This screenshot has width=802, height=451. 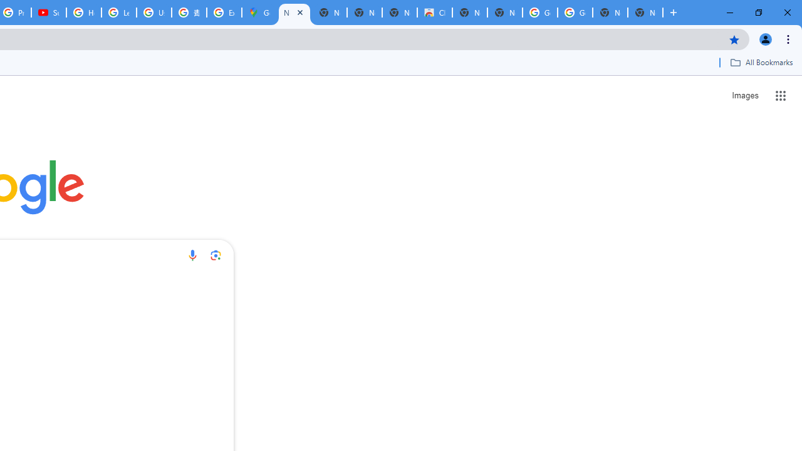 I want to click on 'Google Maps', so click(x=259, y=13).